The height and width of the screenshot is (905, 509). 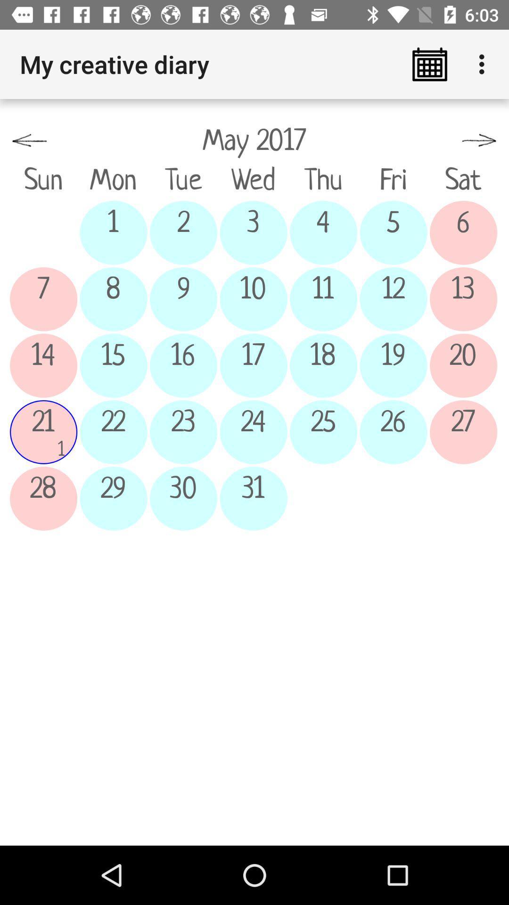 I want to click on the arrow_forward icon, so click(x=479, y=140).